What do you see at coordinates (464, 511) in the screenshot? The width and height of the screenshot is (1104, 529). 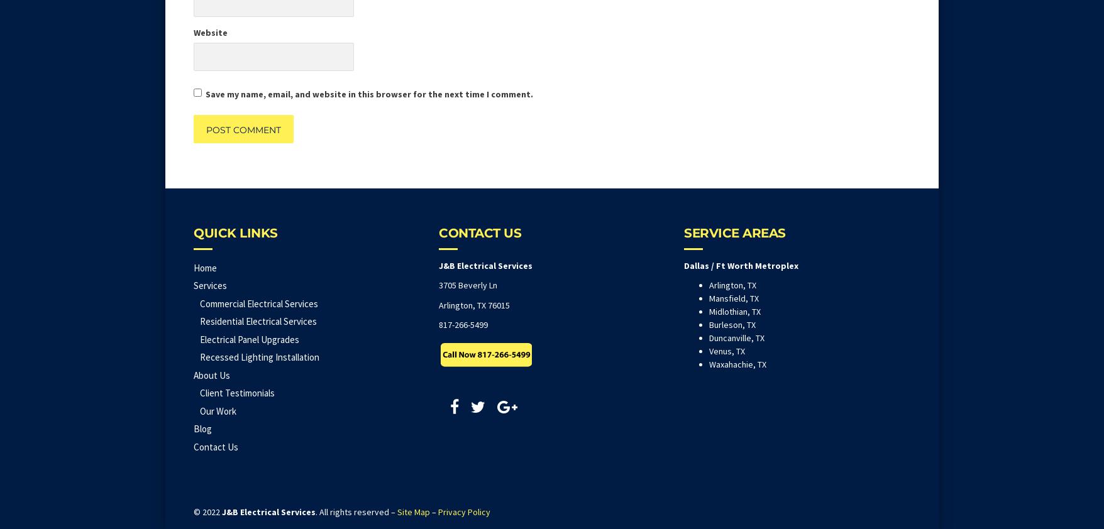 I see `'Privacy Policy'` at bounding box center [464, 511].